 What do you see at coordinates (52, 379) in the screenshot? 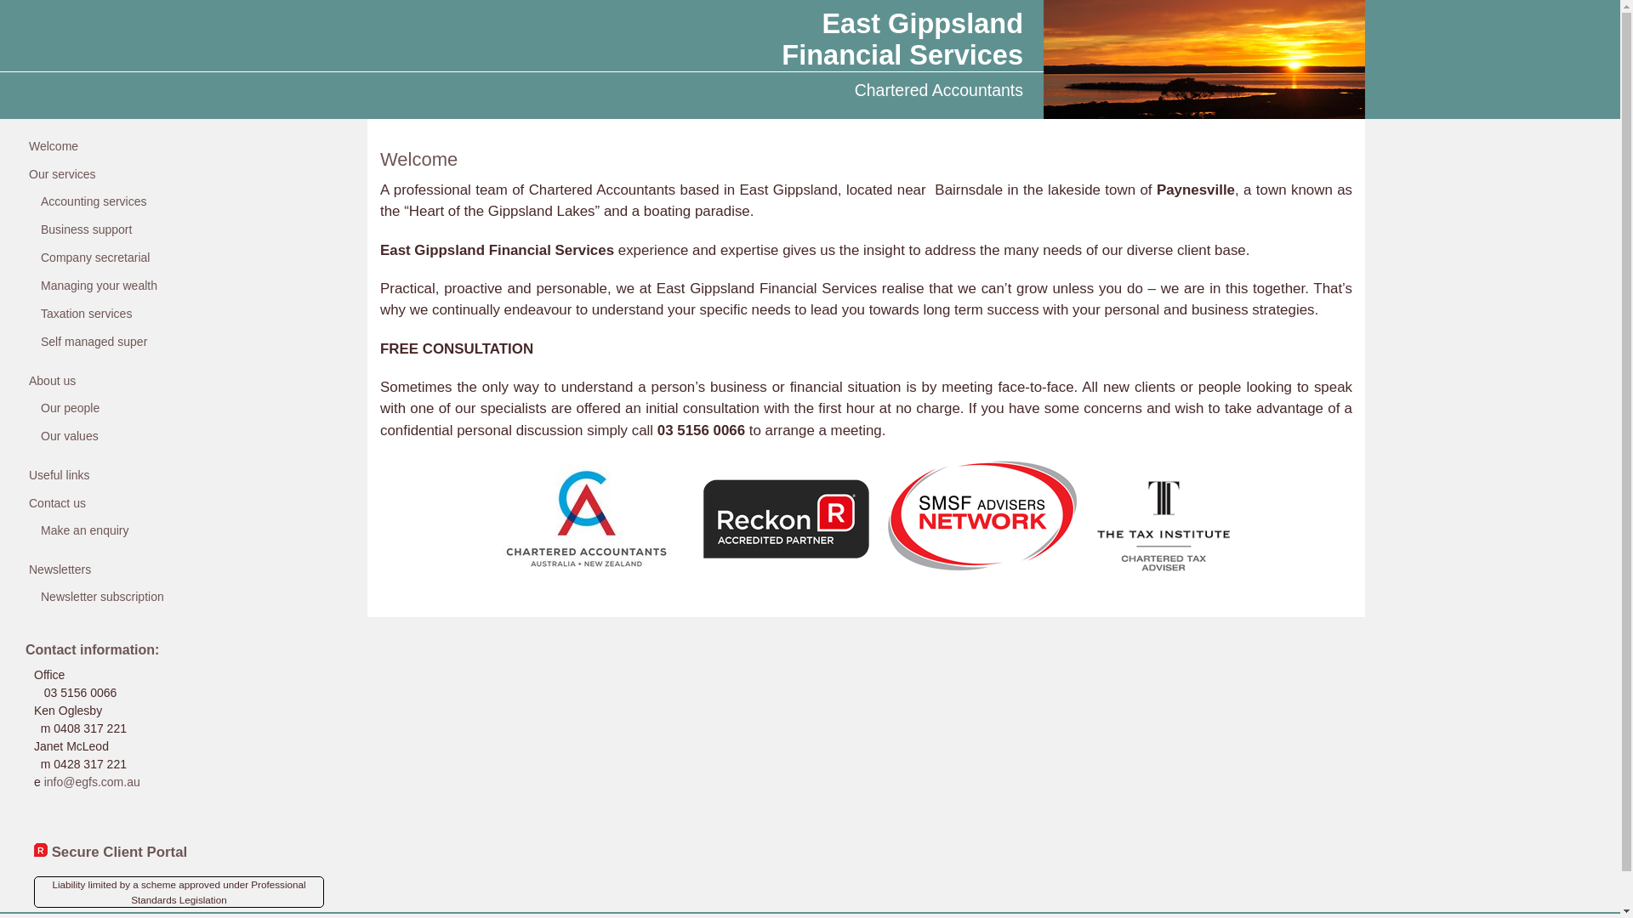
I see `'About us'` at bounding box center [52, 379].